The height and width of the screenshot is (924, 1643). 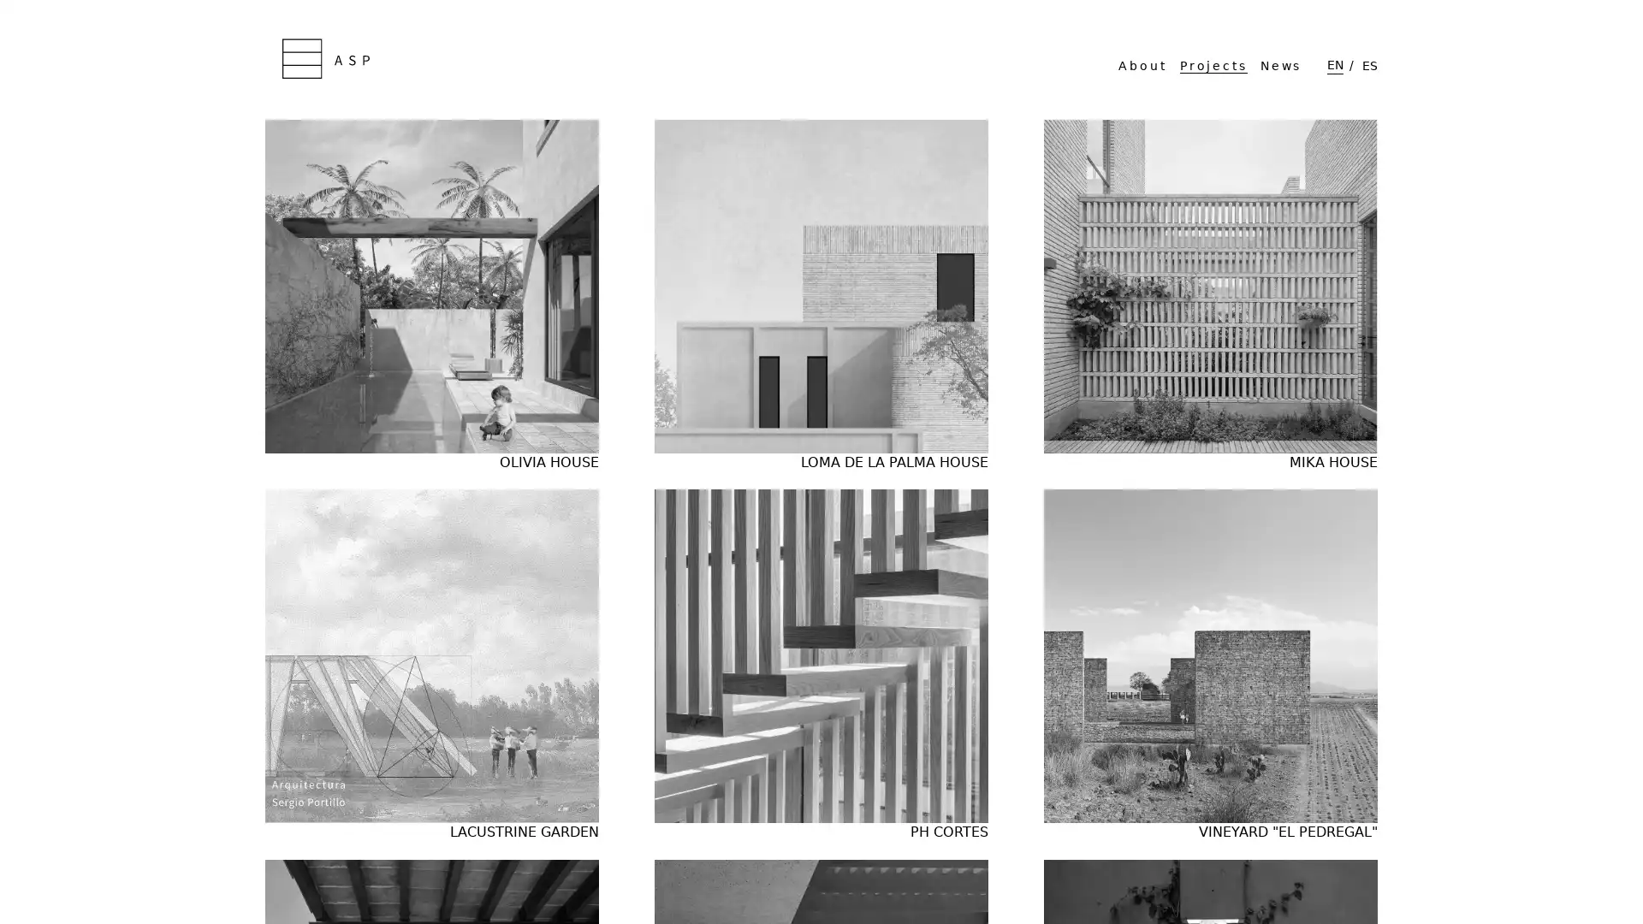 I want to click on ES, so click(x=1370, y=64).